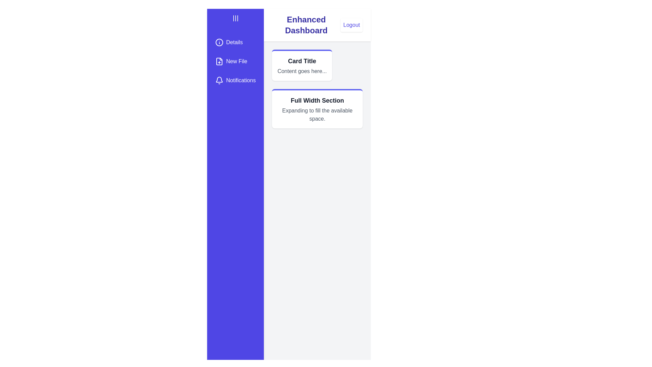  What do you see at coordinates (237, 62) in the screenshot?
I see `the text label in the vertical navigation menu that initiates the creation of a new file, located between the 'Details' and 'Notifications' menu items` at bounding box center [237, 62].